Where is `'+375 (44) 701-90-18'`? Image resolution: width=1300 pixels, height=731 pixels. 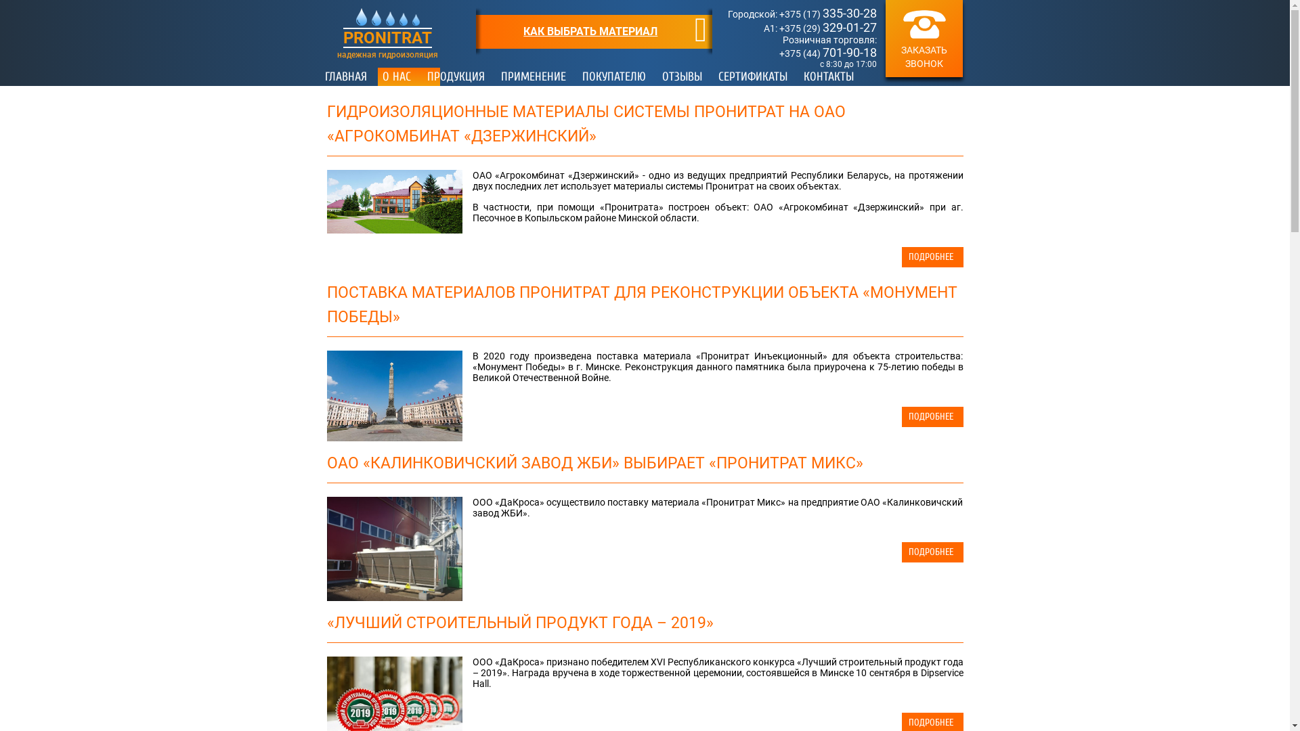
'+375 (44) 701-90-18' is located at coordinates (827, 52).